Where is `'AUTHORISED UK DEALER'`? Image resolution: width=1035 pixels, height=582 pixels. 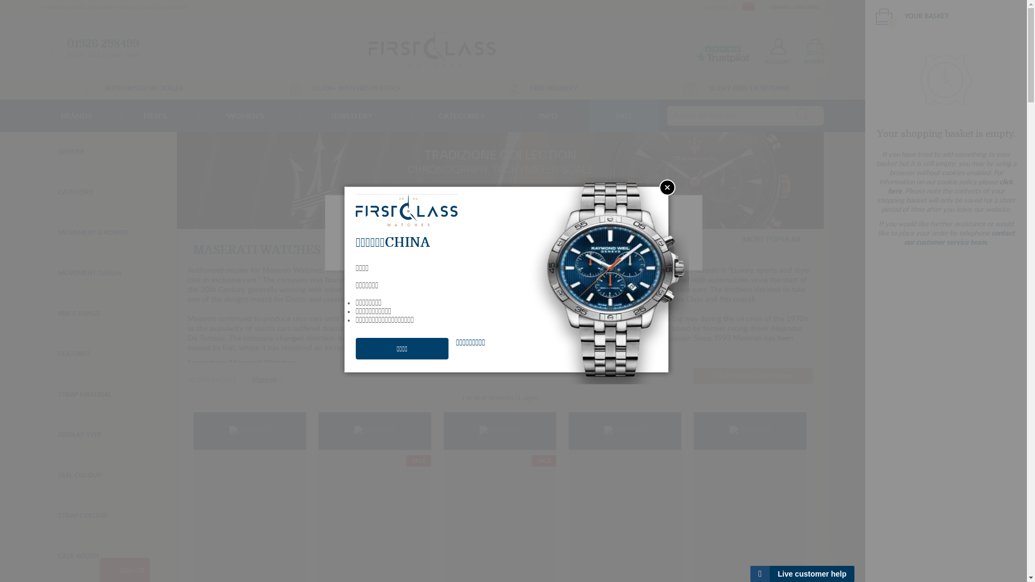 'AUTHORISED UK DEALER' is located at coordinates (127, 88).